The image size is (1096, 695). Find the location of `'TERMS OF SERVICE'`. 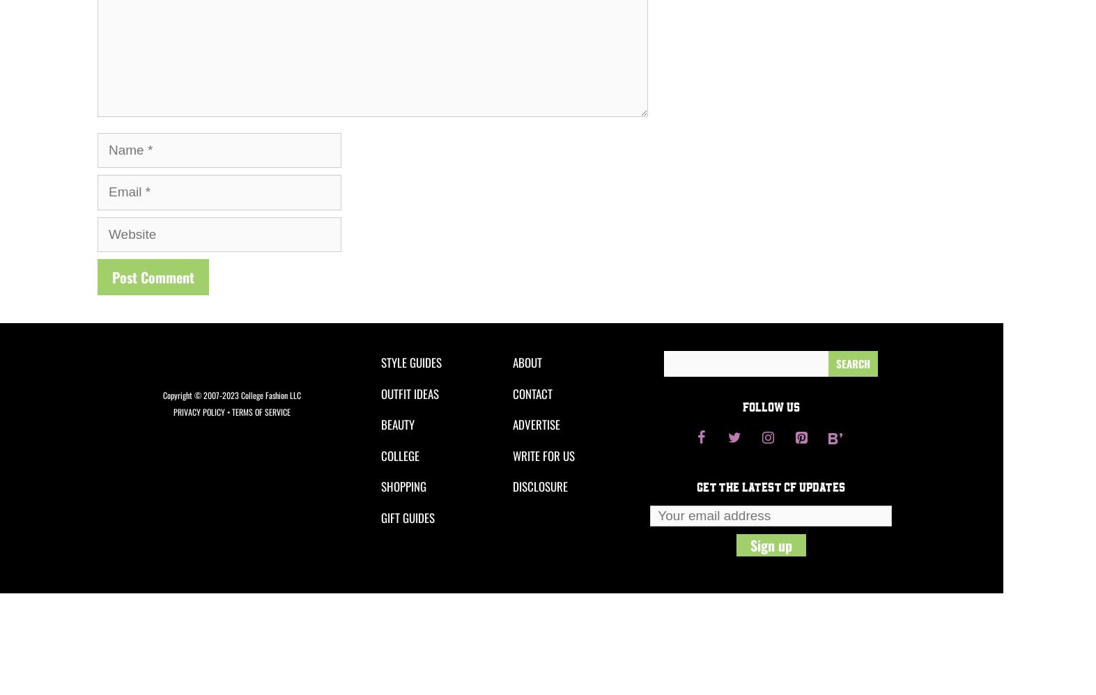

'TERMS OF SERVICE' is located at coordinates (231, 410).